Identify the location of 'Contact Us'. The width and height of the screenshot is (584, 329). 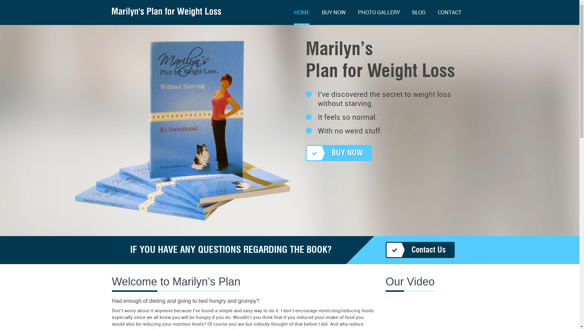
(420, 250).